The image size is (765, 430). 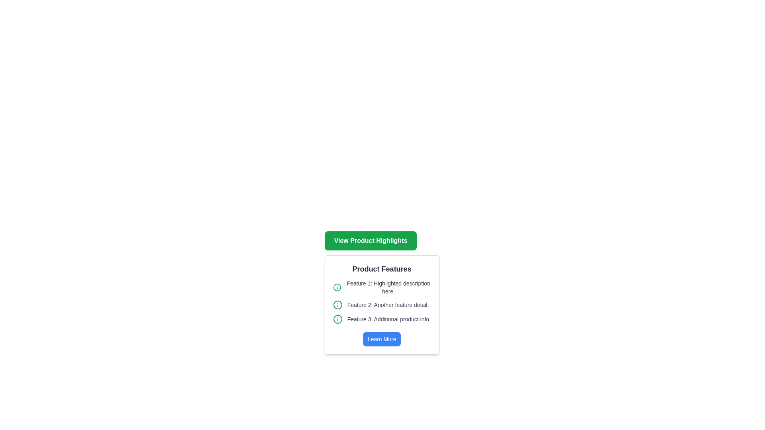 I want to click on text content of the second text label in the 'Product Features' card, which describes 'Feature 2' and is located between 'Feature 1' and 'Feature 3', so click(x=388, y=305).